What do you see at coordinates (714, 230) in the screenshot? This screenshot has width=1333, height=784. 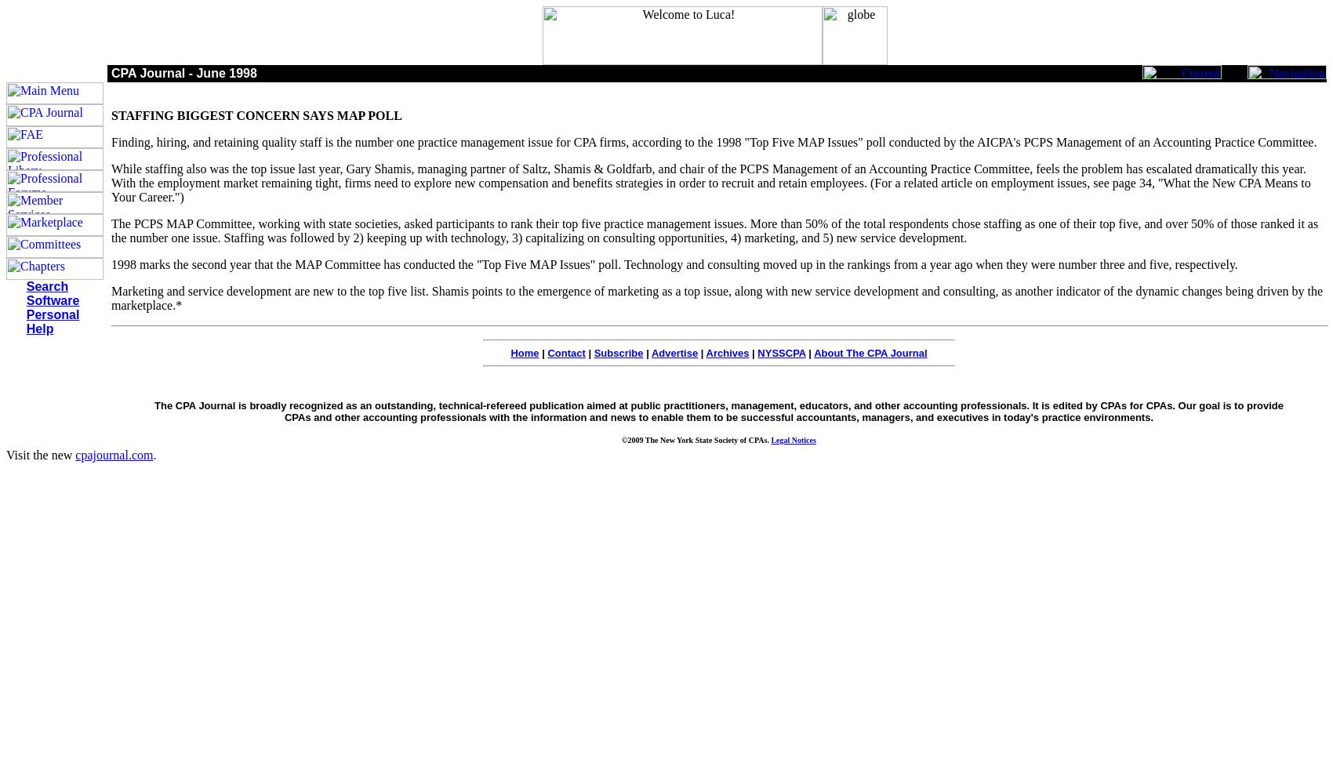 I see `'The PCPS MAP Committee, working with state societies, asked participants to rank their top five practice management issues. More than 50% of the total respondents chose staffing as one of their top five, and over 50% of those ranked it as the number one issue. Staffing was followed by 2) keeping up with technology, 3) capitalizing on consulting opportunities, 4) marketing, and 5) new service development.'` at bounding box center [714, 230].